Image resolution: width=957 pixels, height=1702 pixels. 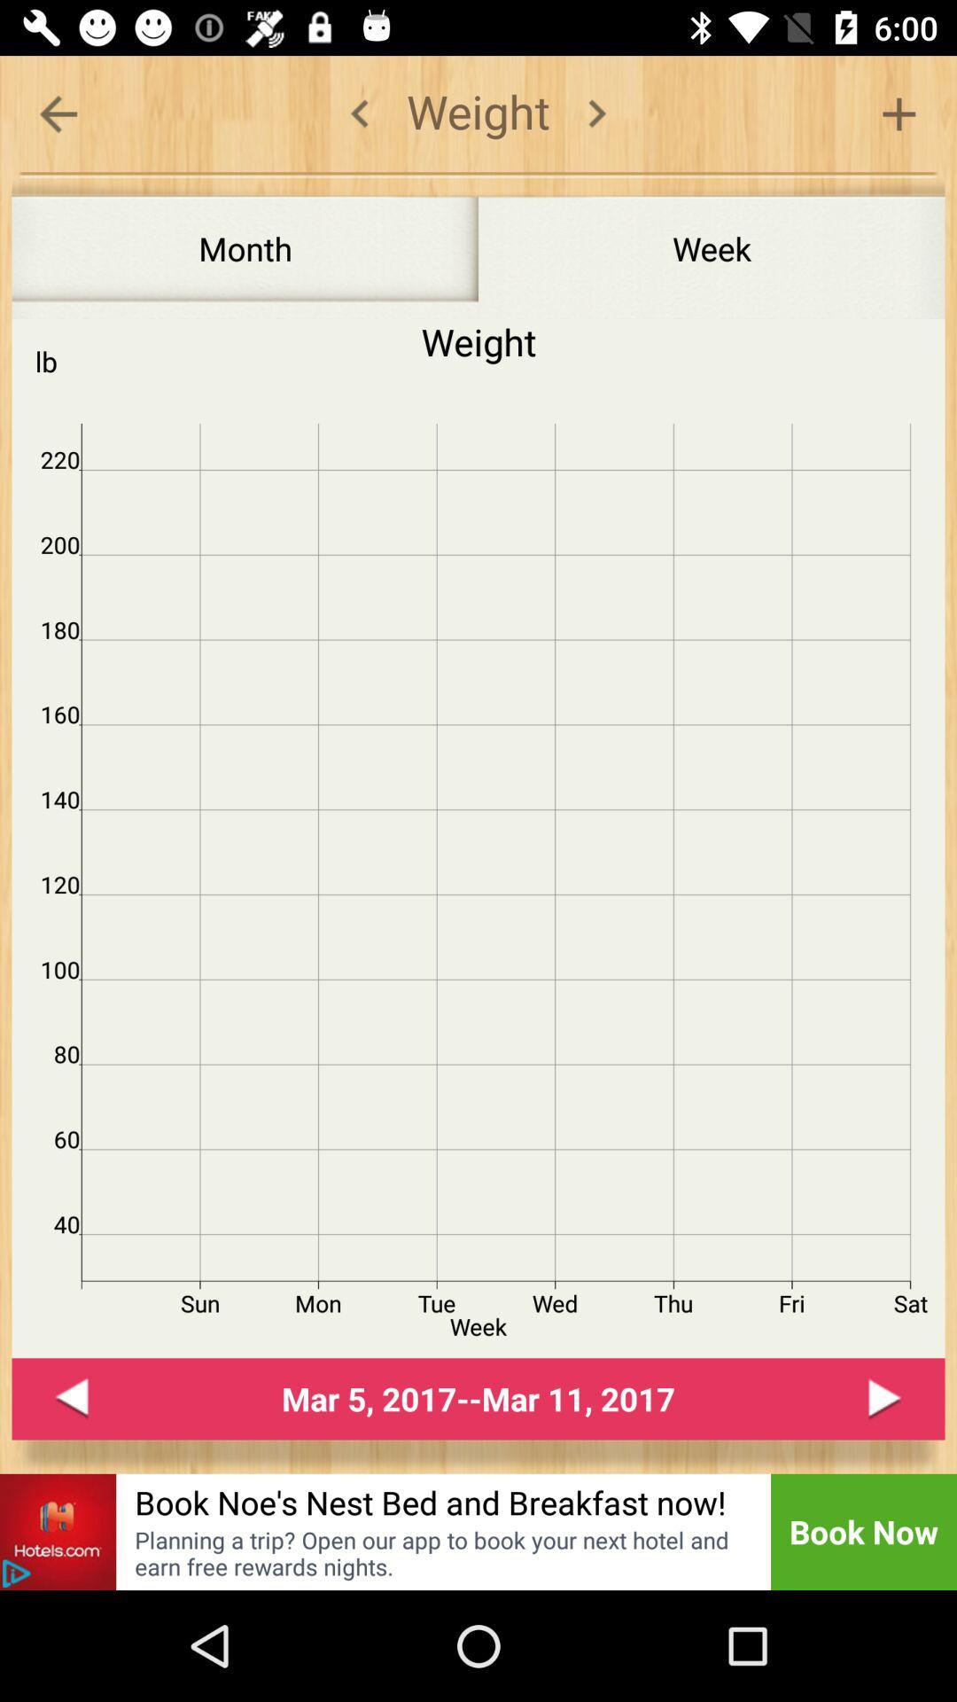 I want to click on next, so click(x=885, y=1398).